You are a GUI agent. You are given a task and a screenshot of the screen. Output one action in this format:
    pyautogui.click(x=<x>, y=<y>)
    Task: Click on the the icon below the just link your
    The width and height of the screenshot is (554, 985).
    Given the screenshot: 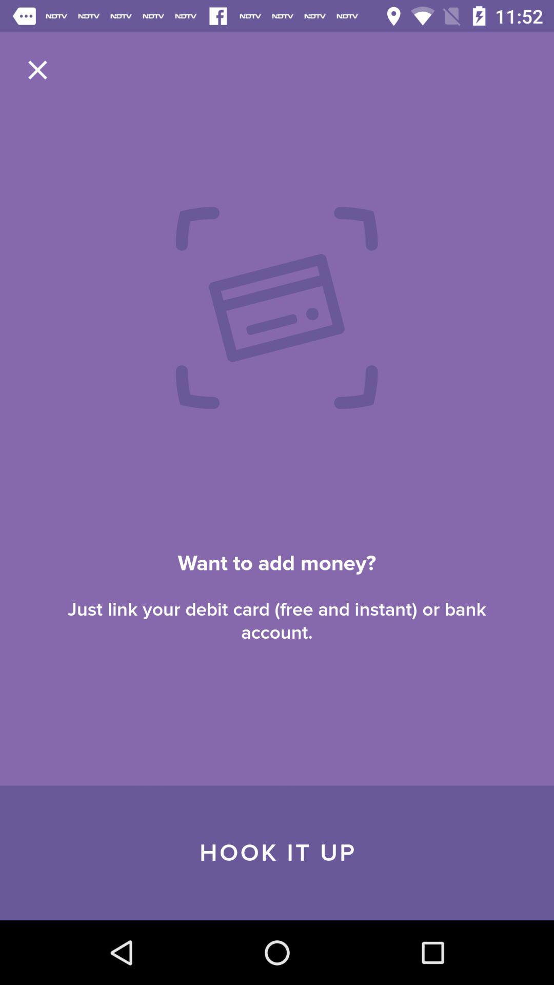 What is the action you would take?
    pyautogui.click(x=277, y=853)
    